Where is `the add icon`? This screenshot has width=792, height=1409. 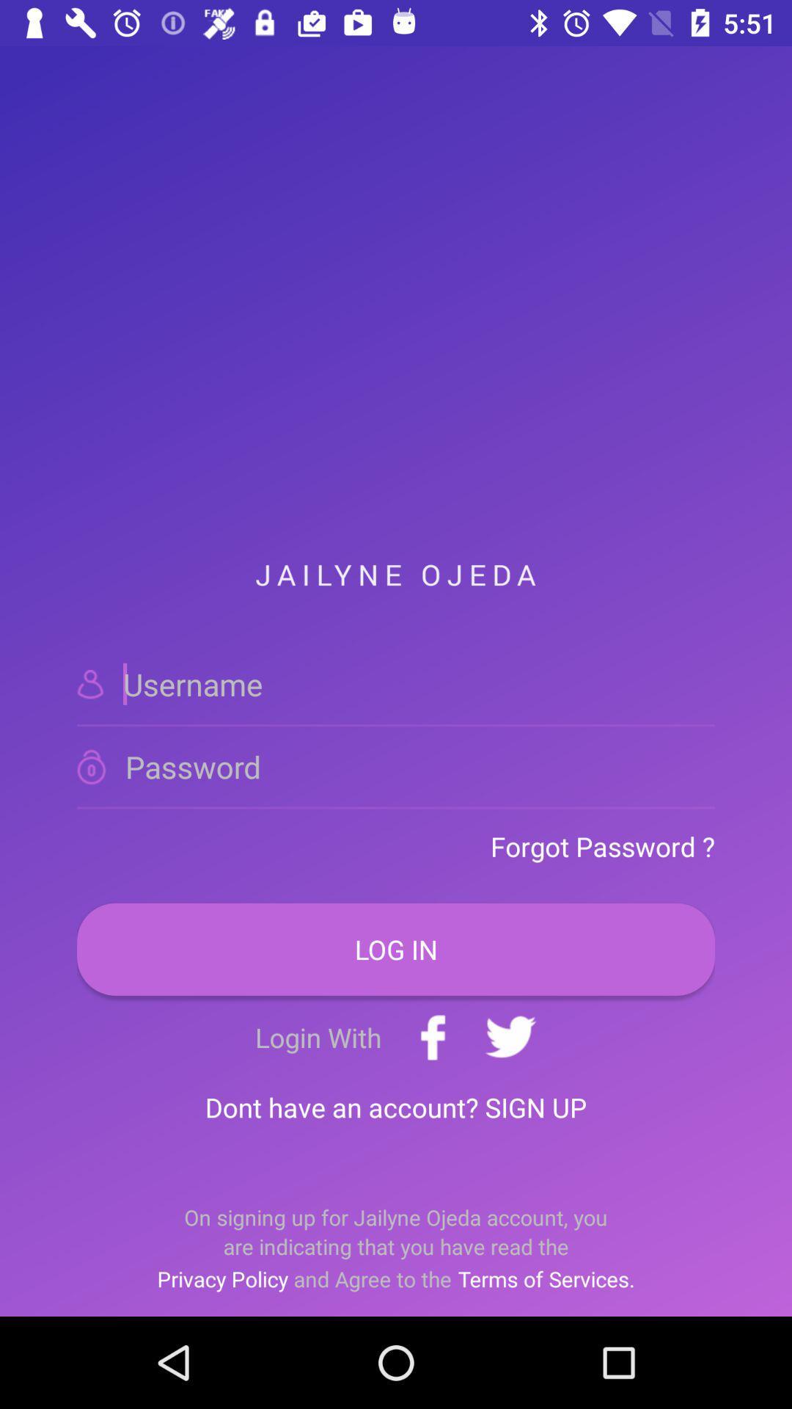 the add icon is located at coordinates (432, 1036).